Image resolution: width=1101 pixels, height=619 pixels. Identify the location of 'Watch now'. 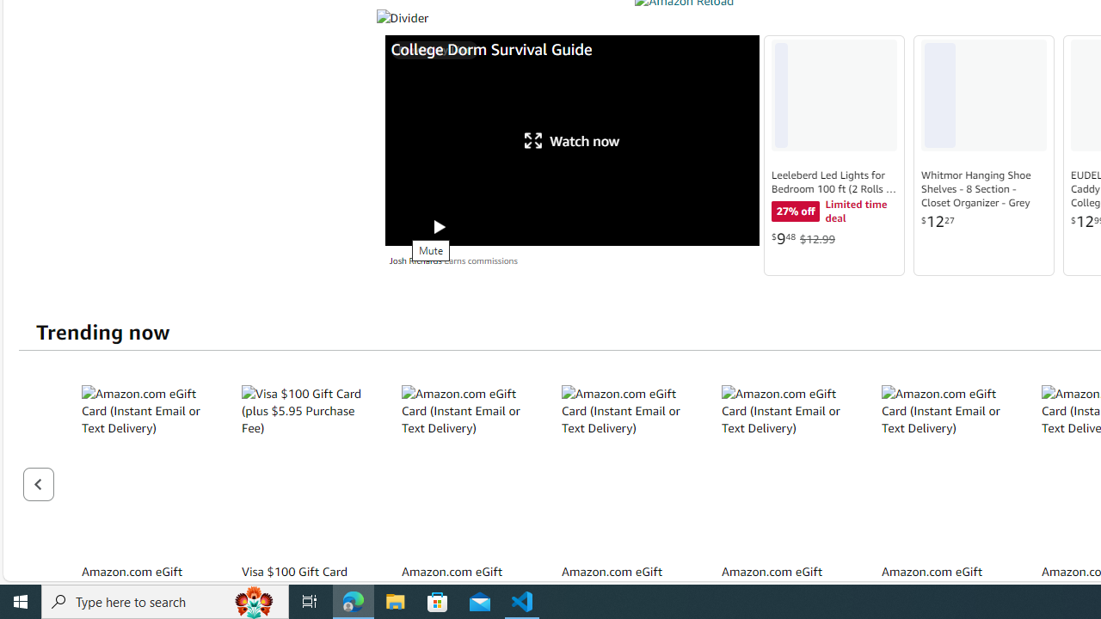
(572, 139).